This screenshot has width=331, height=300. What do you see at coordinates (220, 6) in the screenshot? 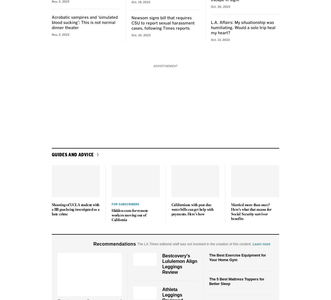
I see `'Oct. 20, 2023'` at bounding box center [220, 6].